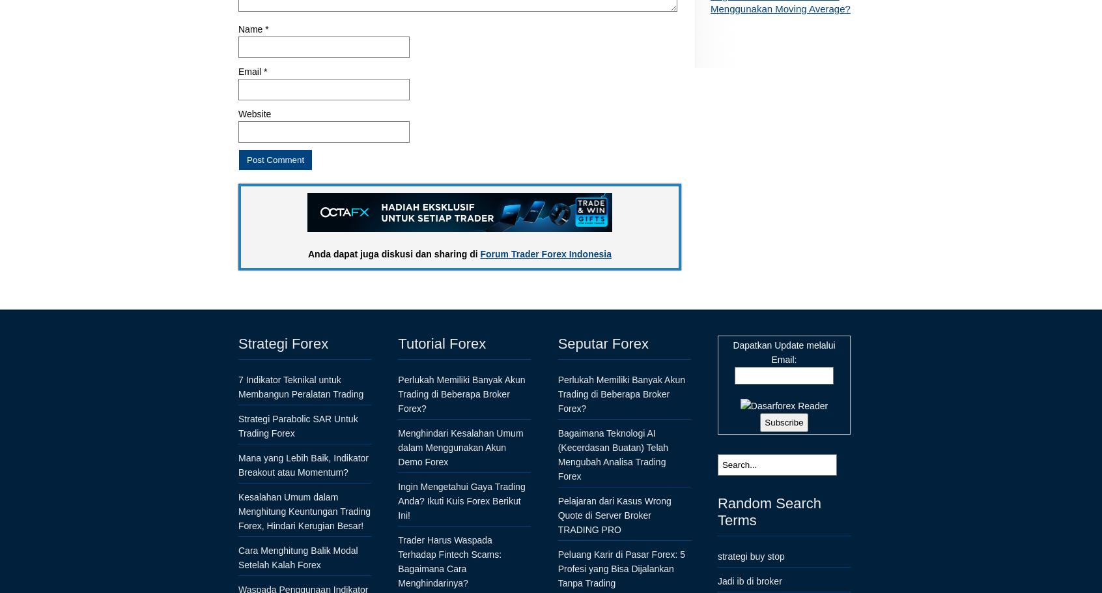 The width and height of the screenshot is (1102, 593). What do you see at coordinates (716, 510) in the screenshot?
I see `'Random Search Terms'` at bounding box center [716, 510].